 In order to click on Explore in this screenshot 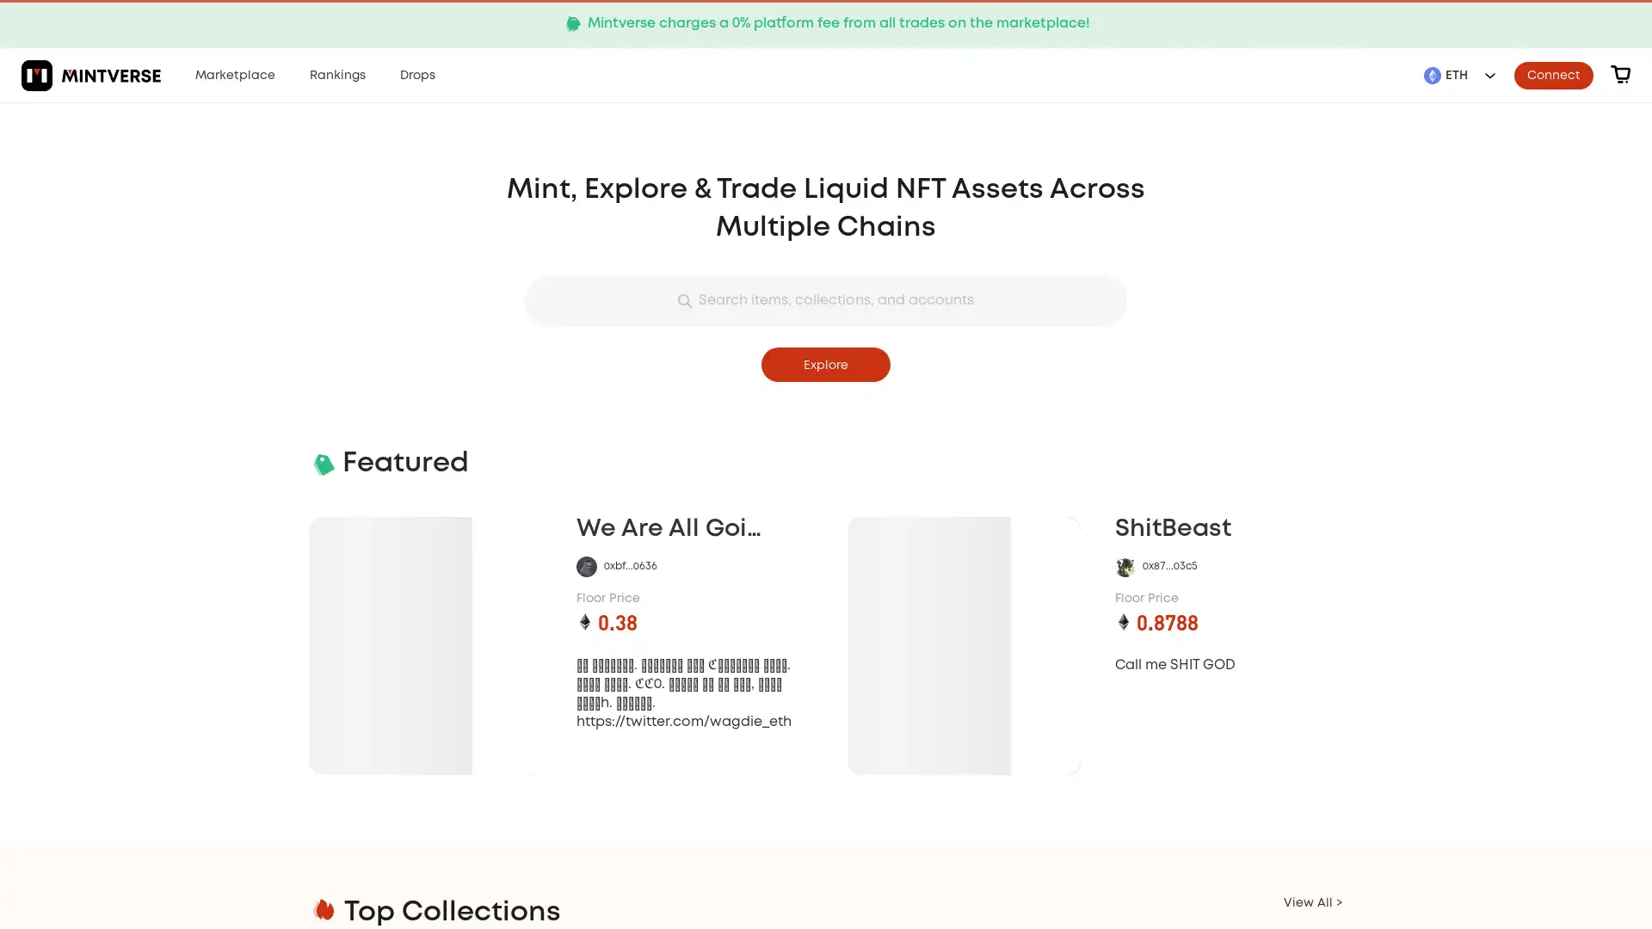, I will do `click(826, 364)`.